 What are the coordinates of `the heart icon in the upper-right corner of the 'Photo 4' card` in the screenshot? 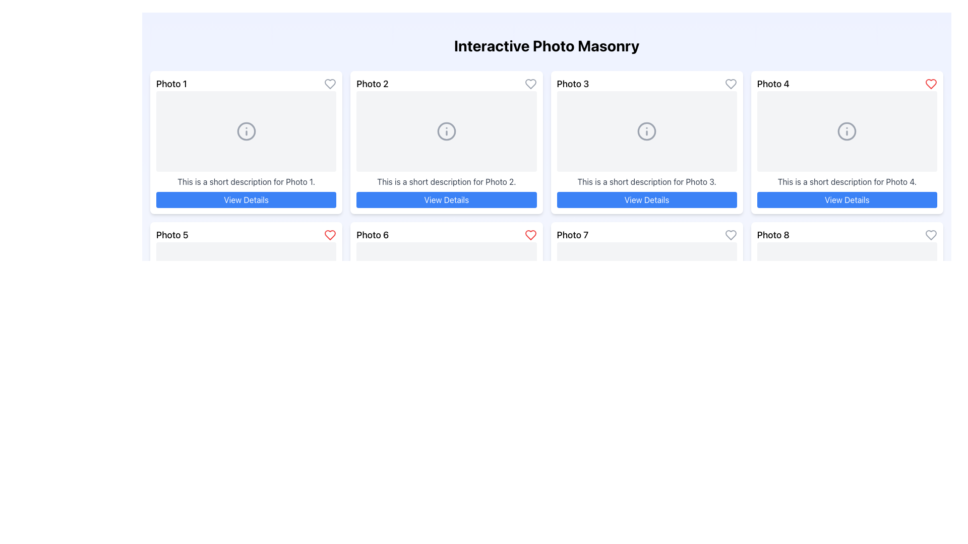 It's located at (931, 83).